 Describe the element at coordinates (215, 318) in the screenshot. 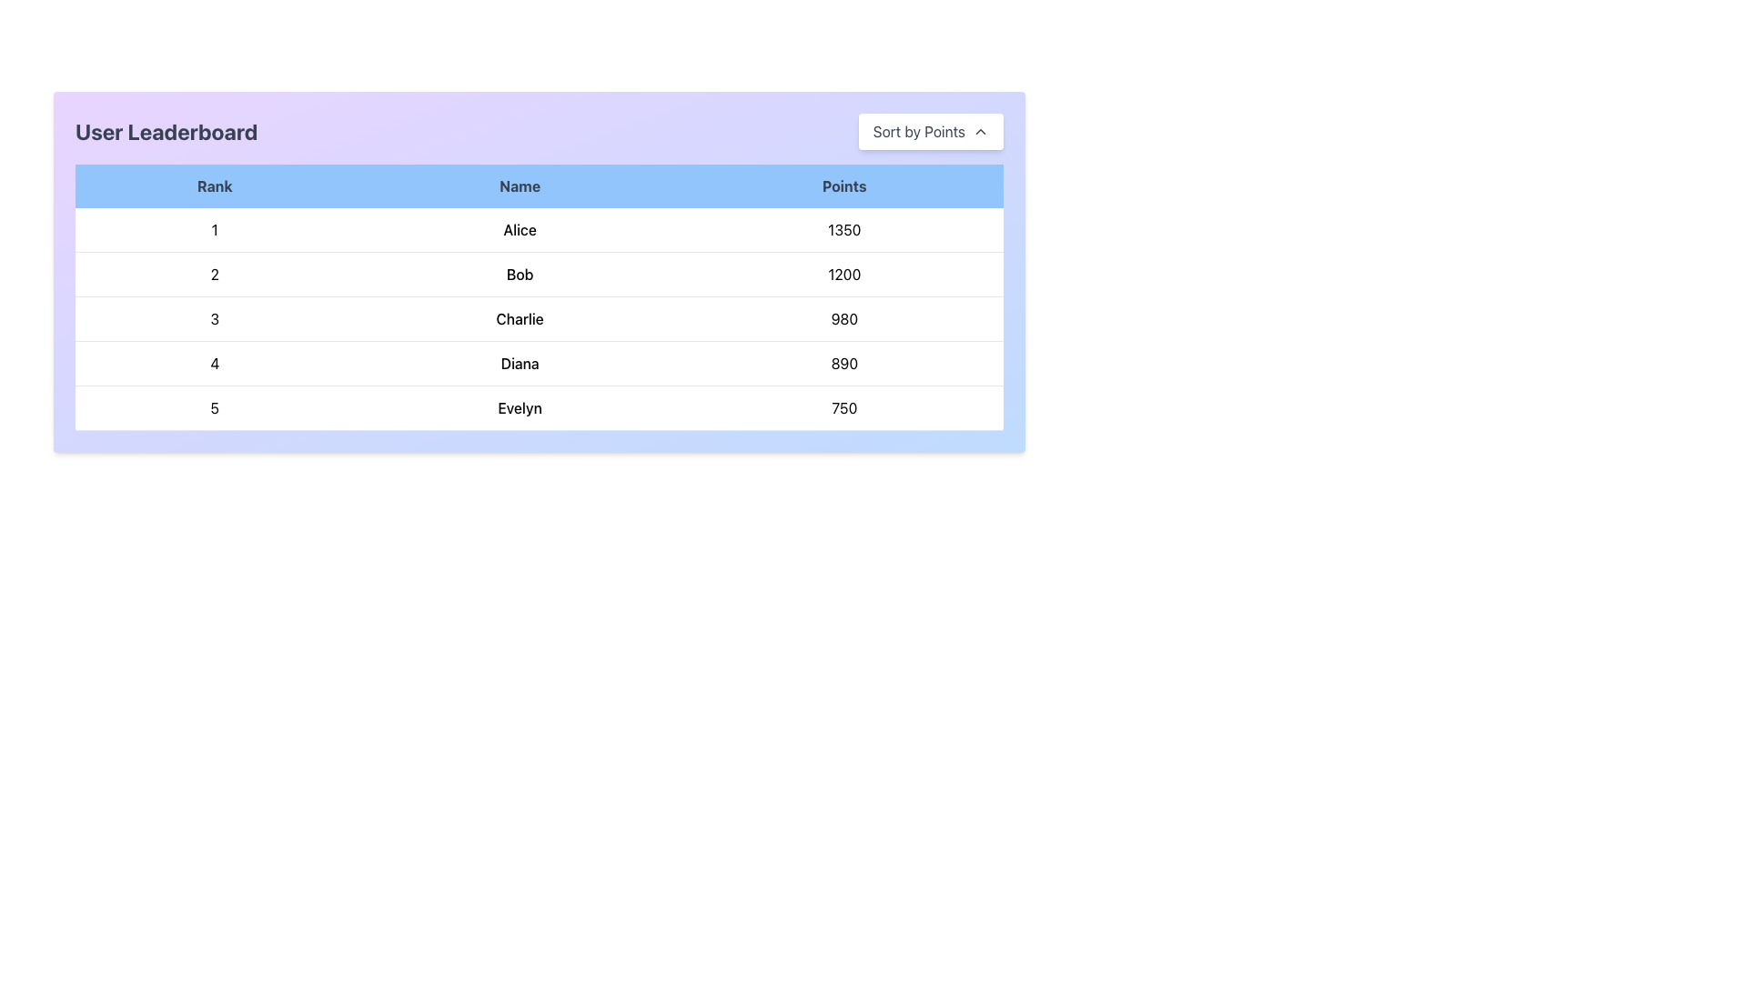

I see `the bold text label displaying the number '3' in the 'Rank' column of the leaderboard table, located in the third row` at that location.